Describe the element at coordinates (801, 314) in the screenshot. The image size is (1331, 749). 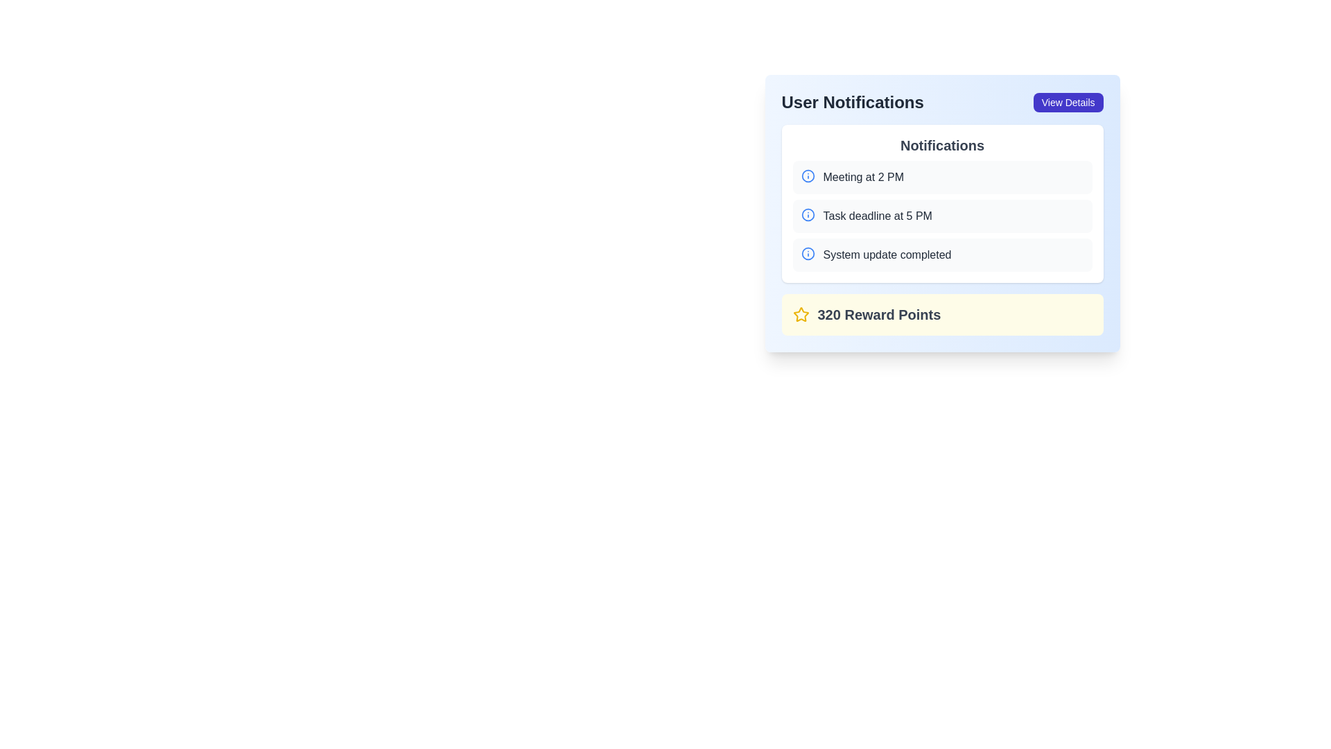
I see `the yellow star icon located to the left of the '320 Reward Points' text in the 'User Notifications' panel` at that location.